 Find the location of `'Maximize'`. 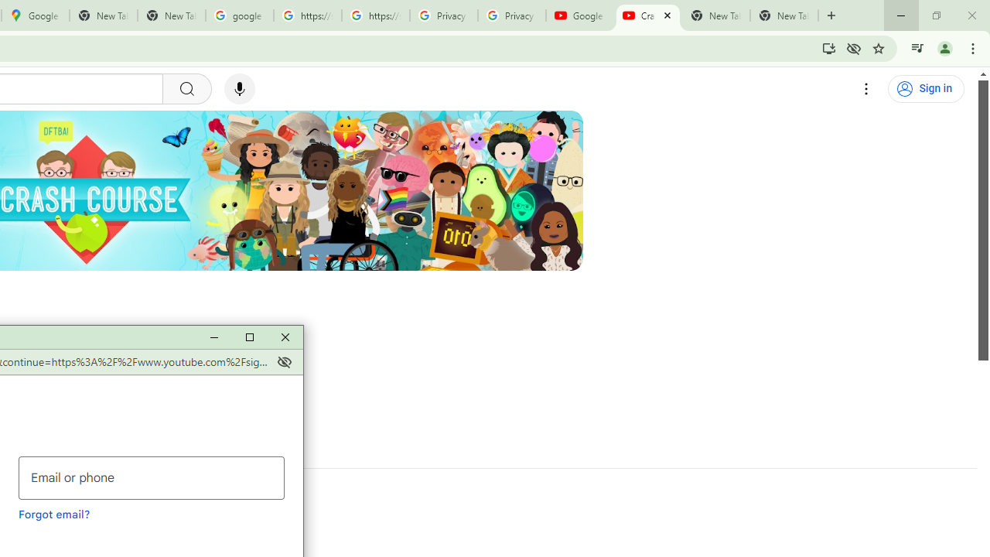

'Maximize' is located at coordinates (249, 337).